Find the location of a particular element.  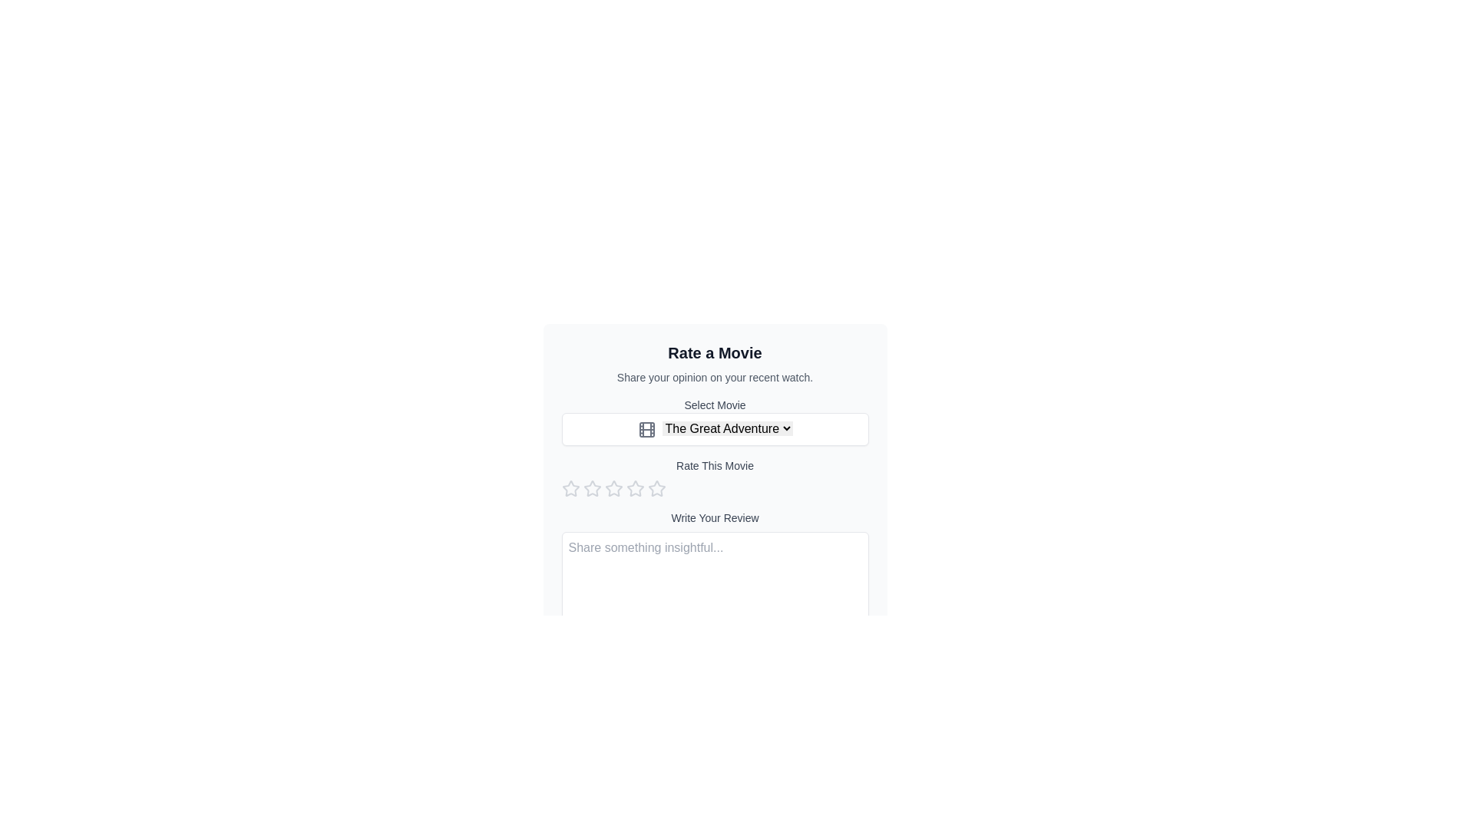

the text label that reads 'Share your opinion on your recent watch.', which is positioned below the 'Rate a Movie' title header and above the 'Select Movie' dropdown is located at coordinates (714, 378).